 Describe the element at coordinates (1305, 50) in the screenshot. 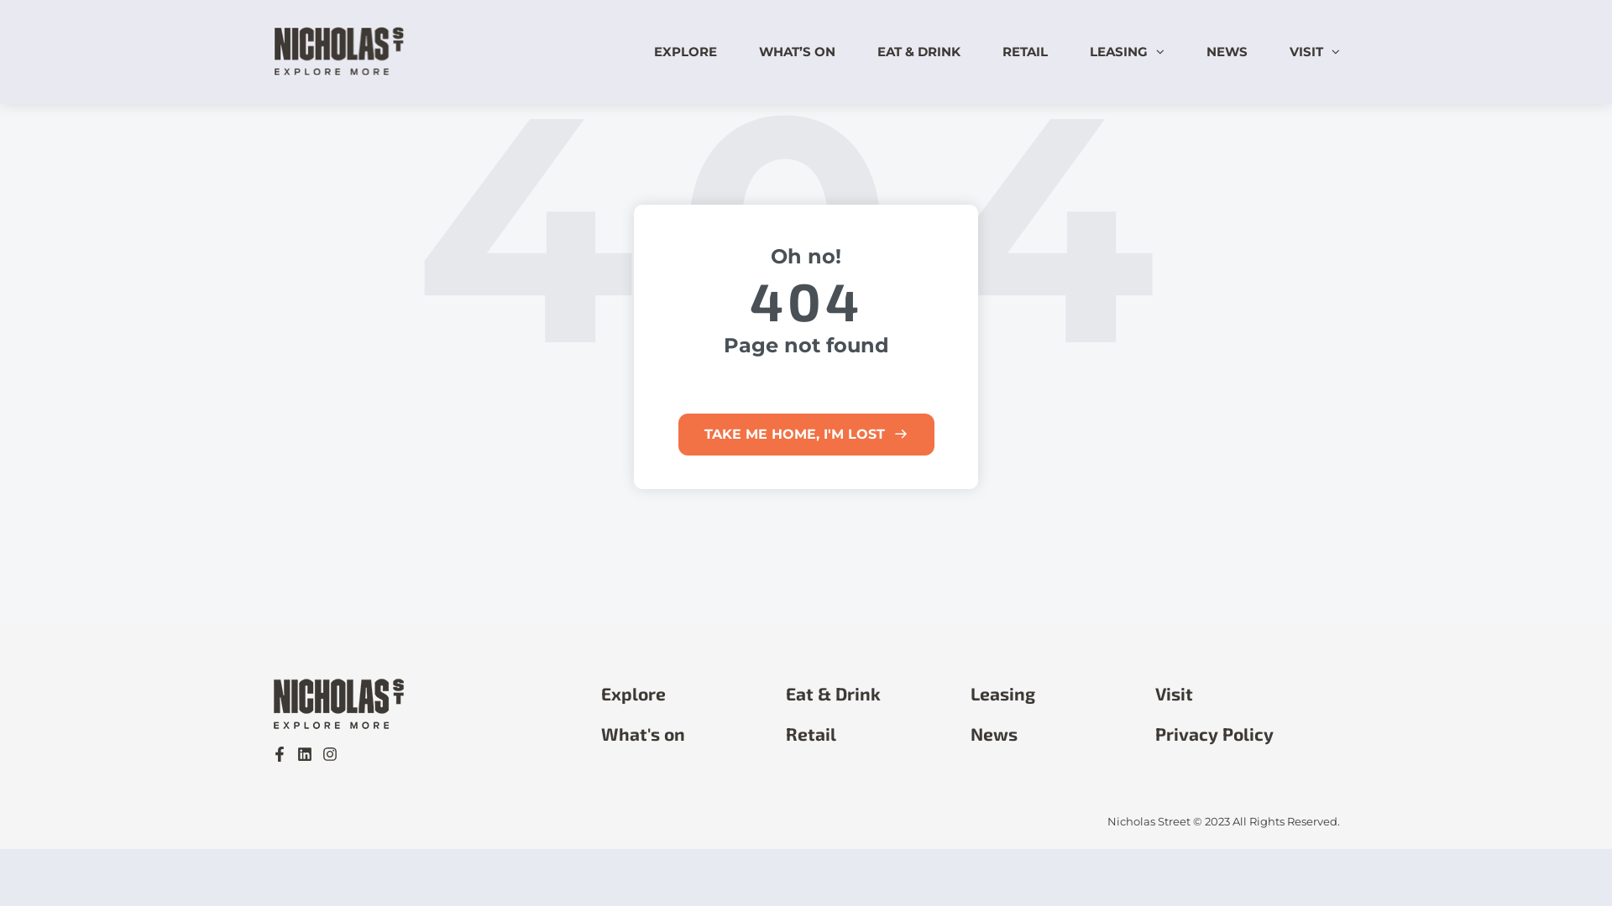

I see `'VISIT'` at that location.